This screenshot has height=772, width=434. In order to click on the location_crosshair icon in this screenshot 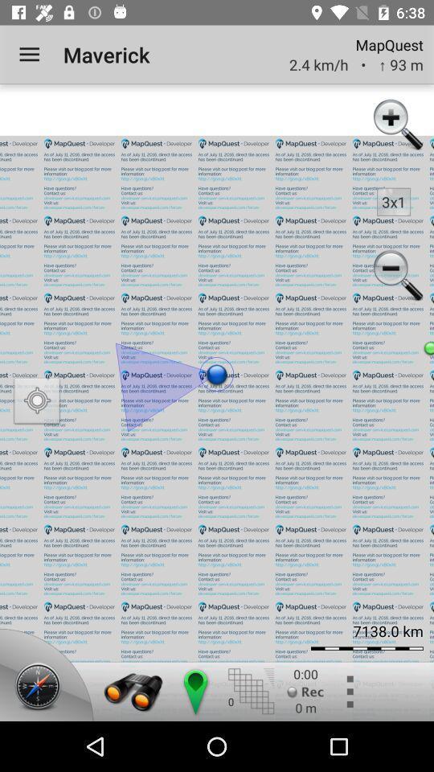, I will do `click(37, 402)`.